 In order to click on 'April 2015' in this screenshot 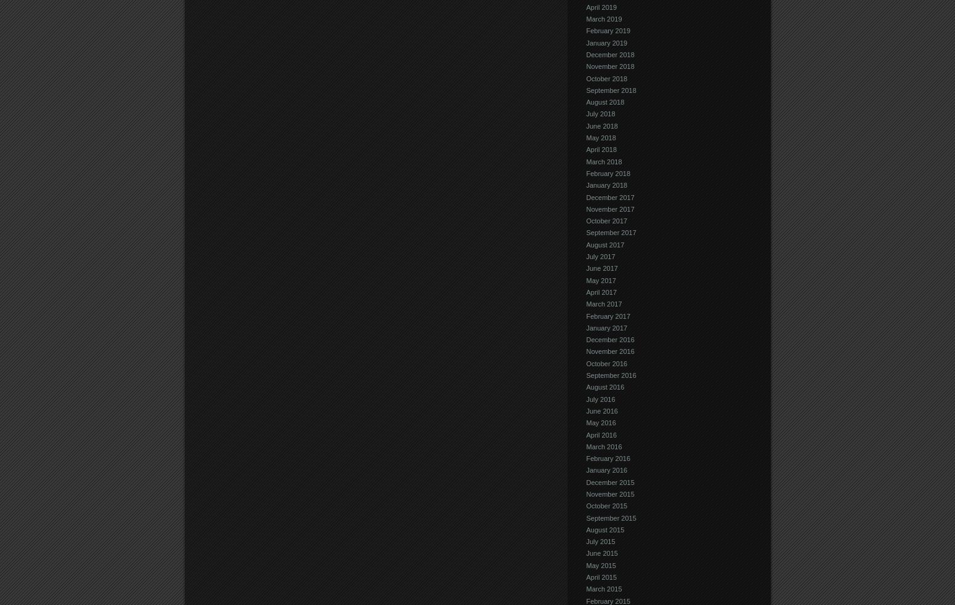, I will do `click(601, 577)`.